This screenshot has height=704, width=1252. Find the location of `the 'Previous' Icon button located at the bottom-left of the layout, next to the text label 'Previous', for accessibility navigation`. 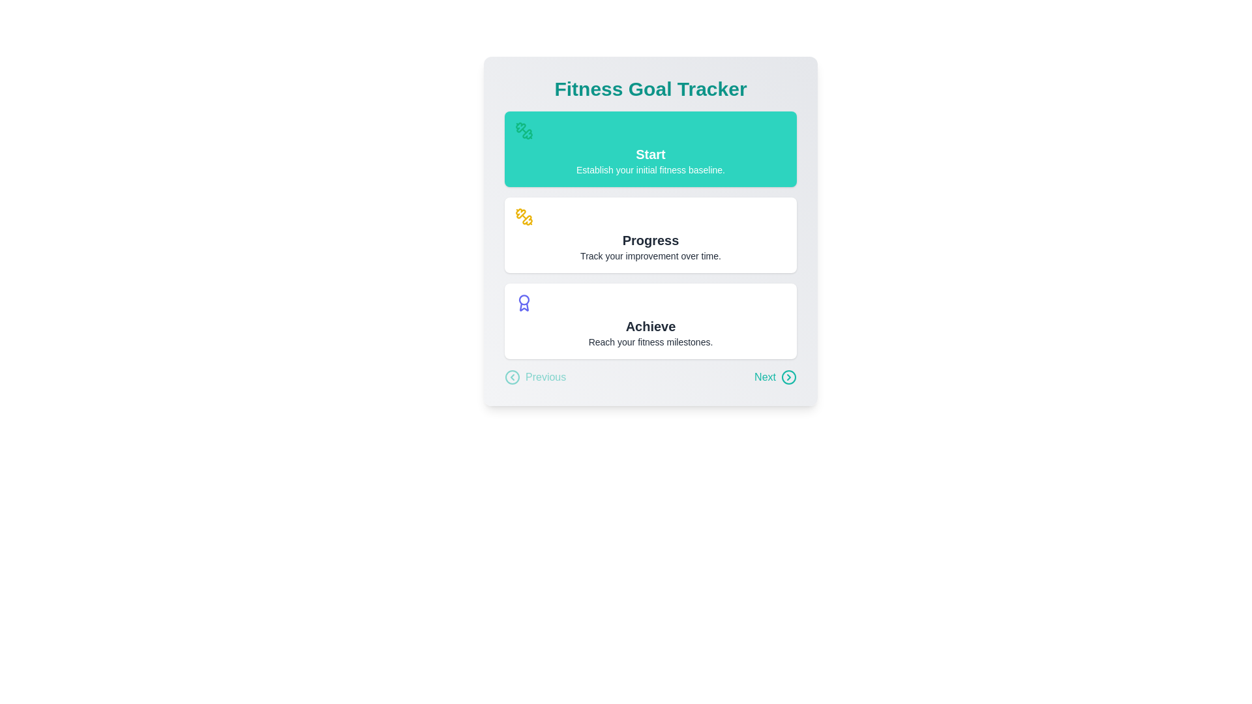

the 'Previous' Icon button located at the bottom-left of the layout, next to the text label 'Previous', for accessibility navigation is located at coordinates (512, 377).